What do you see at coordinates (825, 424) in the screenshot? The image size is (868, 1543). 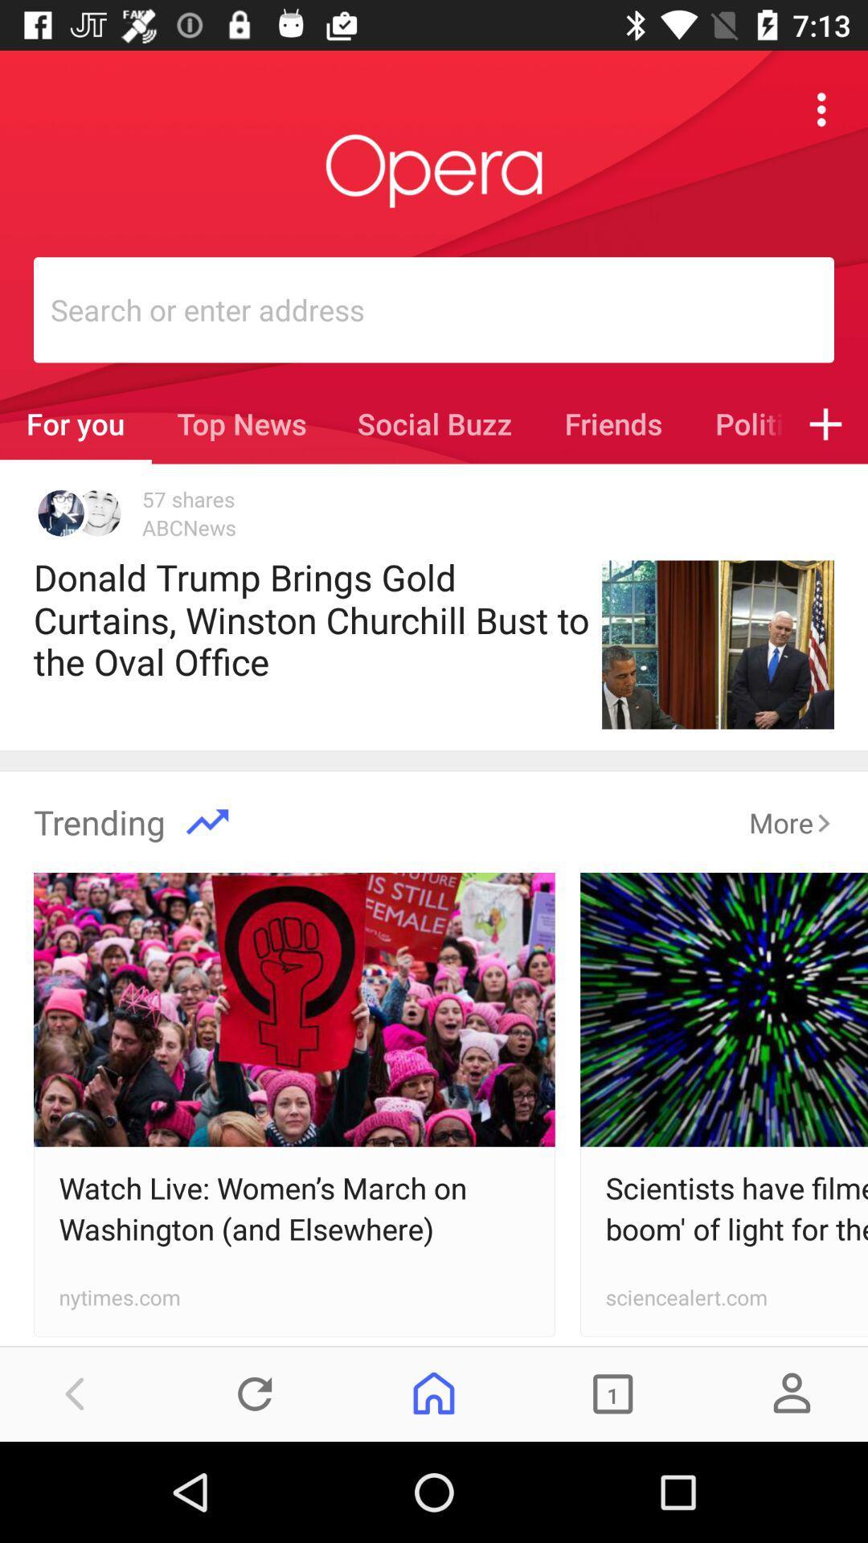 I see `the add icon` at bounding box center [825, 424].